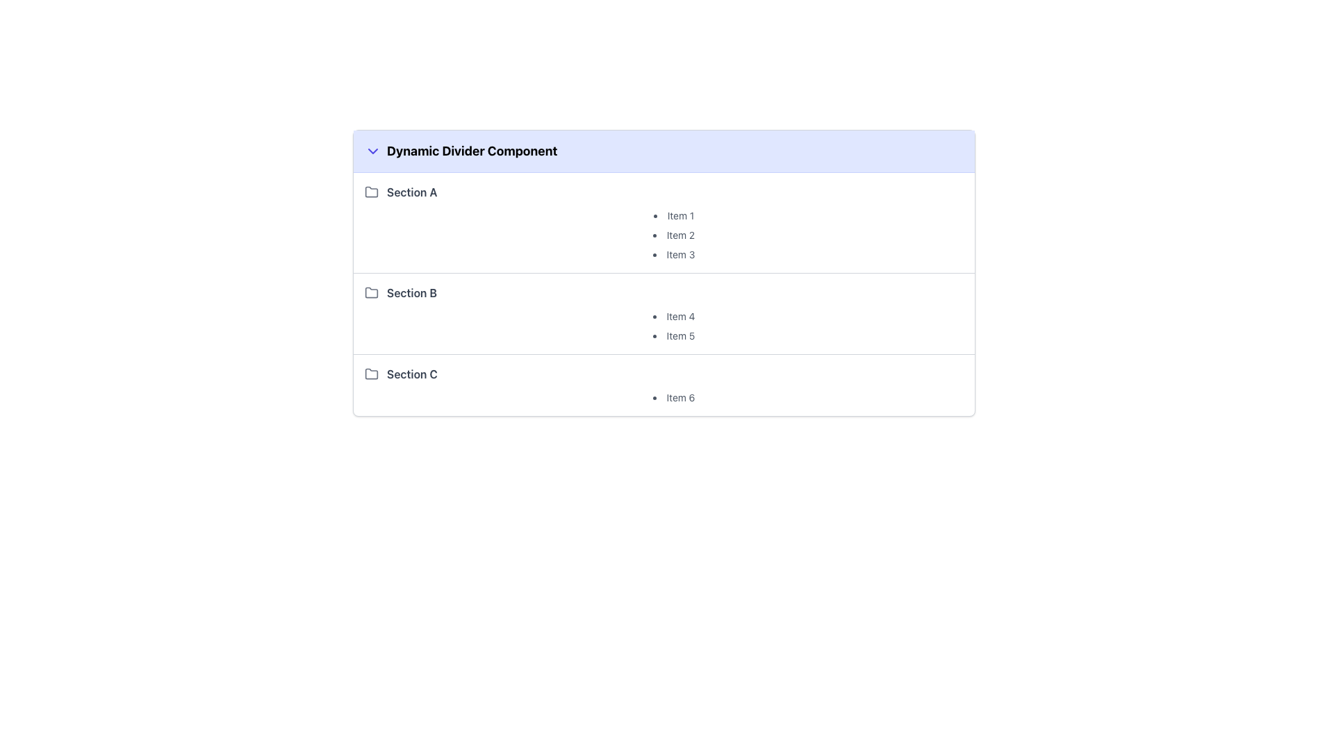 The image size is (1334, 750). What do you see at coordinates (673, 335) in the screenshot?
I see `the informational label 'Item 5' which is the second item in the bulleted list of 'Section B', positioned horizontally centered in the viewport` at bounding box center [673, 335].